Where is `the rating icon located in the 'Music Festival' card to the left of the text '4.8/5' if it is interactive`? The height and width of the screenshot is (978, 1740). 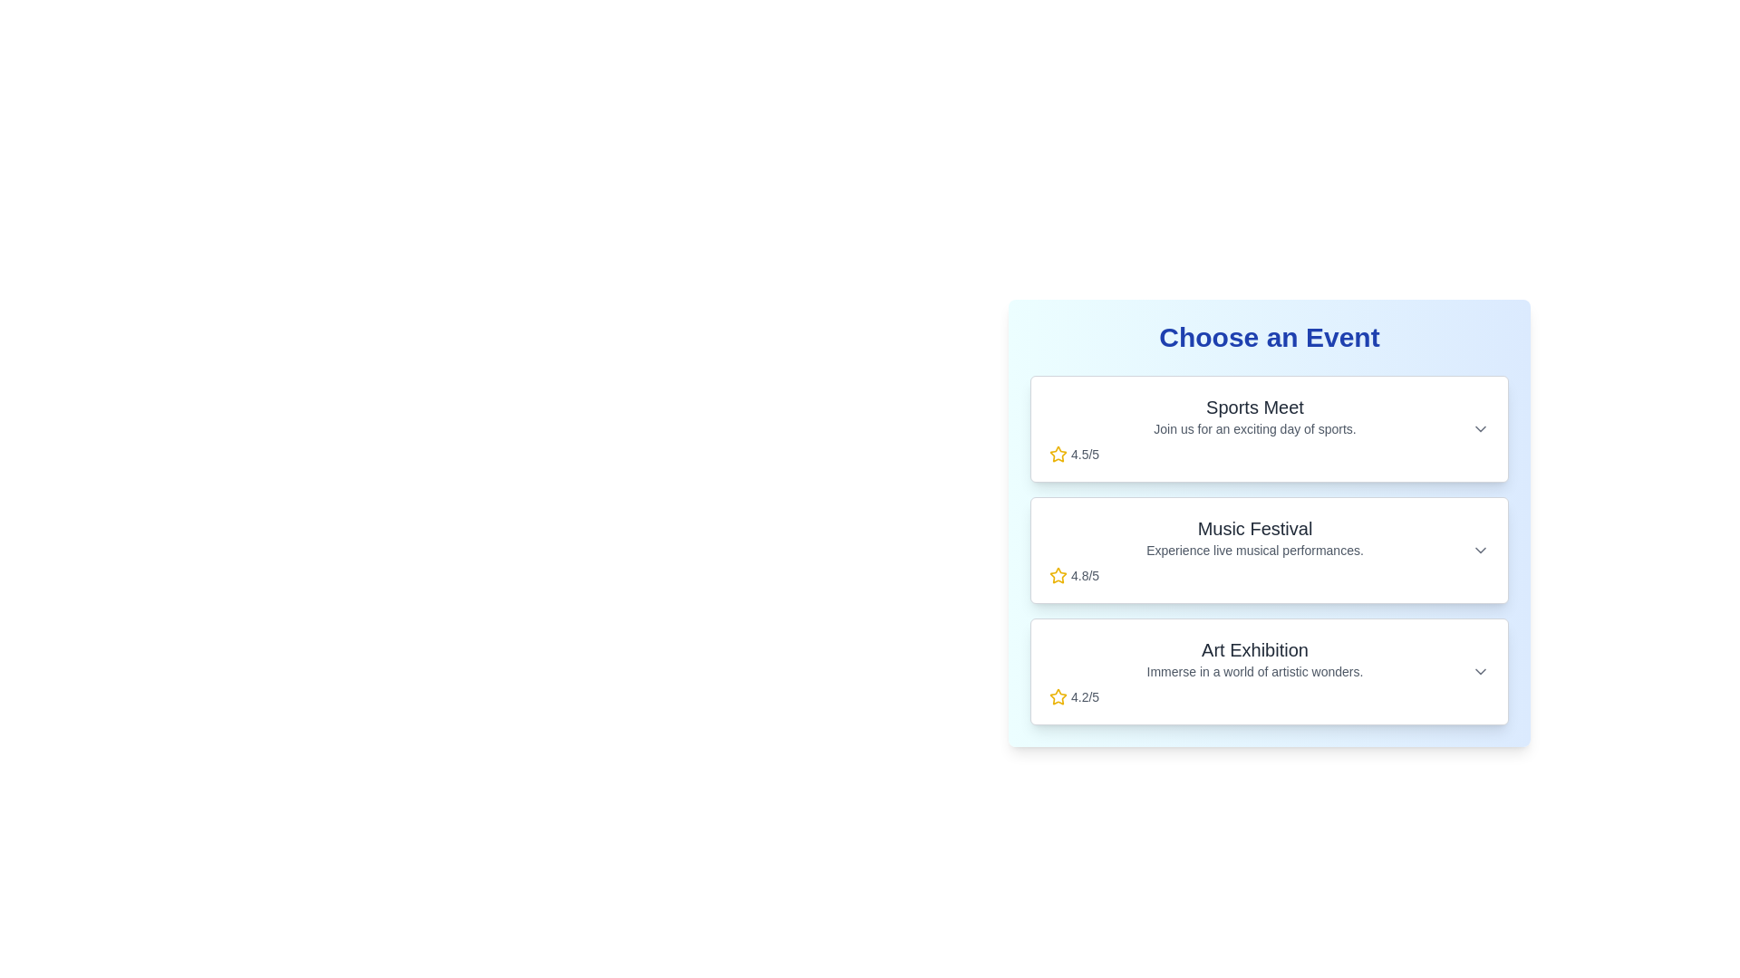
the rating icon located in the 'Music Festival' card to the left of the text '4.8/5' if it is interactive is located at coordinates (1057, 575).